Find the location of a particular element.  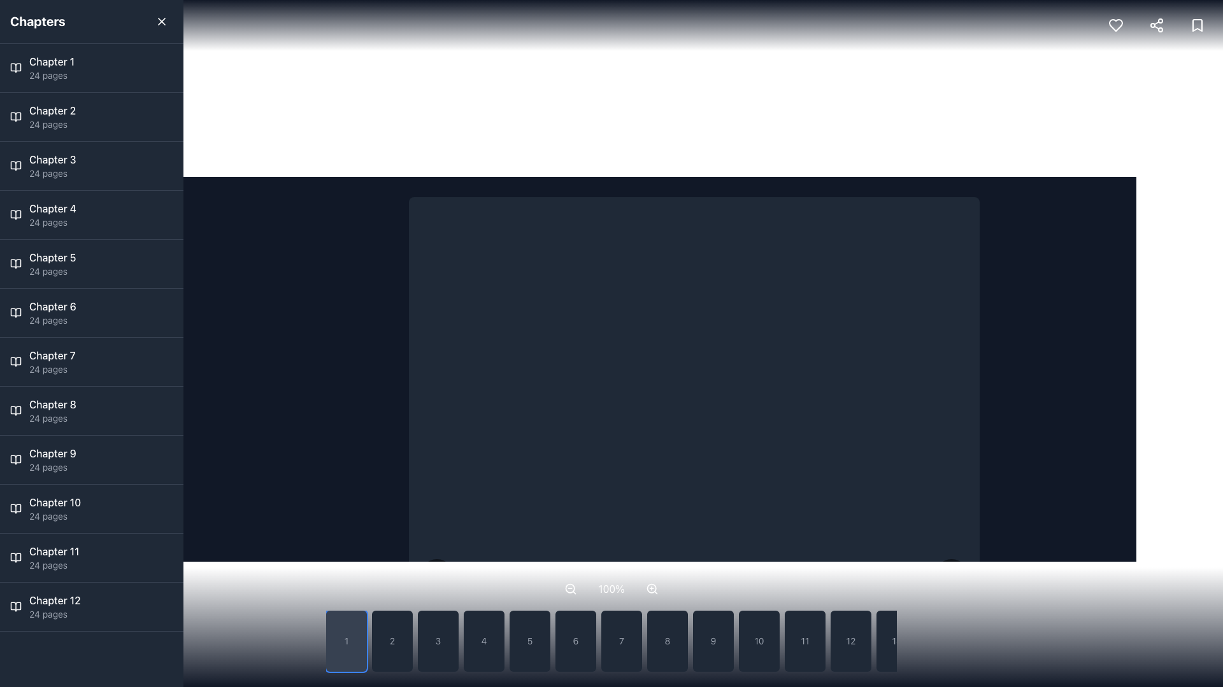

the SVG graphic component representing the lens of a magnifying glass located in the bottom control bar of the interface is located at coordinates (652, 588).